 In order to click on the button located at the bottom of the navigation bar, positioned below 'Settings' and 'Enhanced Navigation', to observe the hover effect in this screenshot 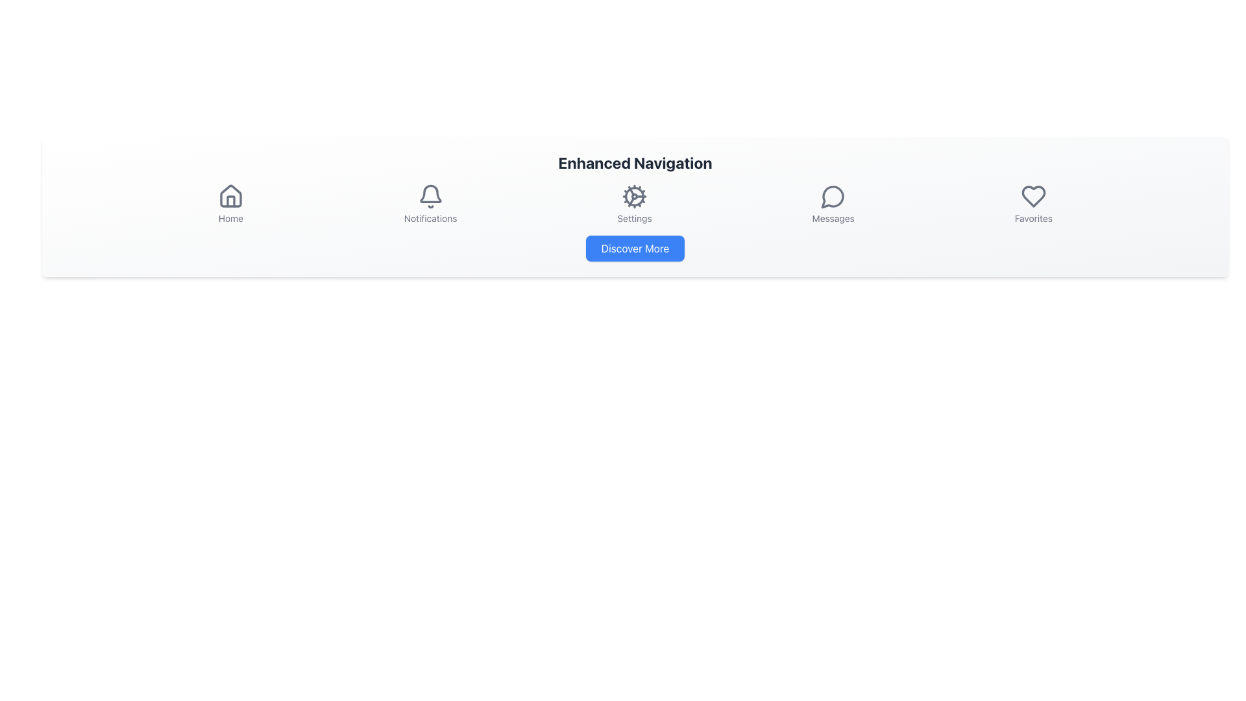, I will do `click(635, 248)`.